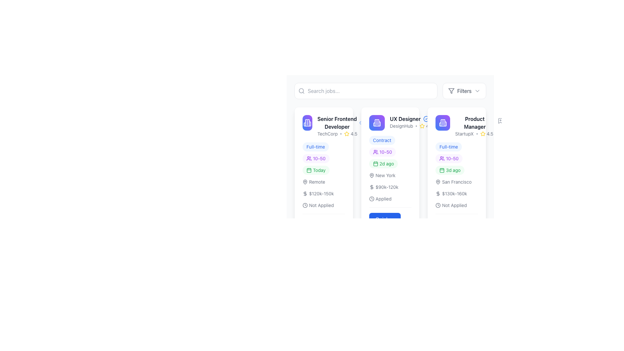 Image resolution: width=624 pixels, height=351 pixels. I want to click on the job posting card for the Product Manager role at StartupX, so click(456, 177).